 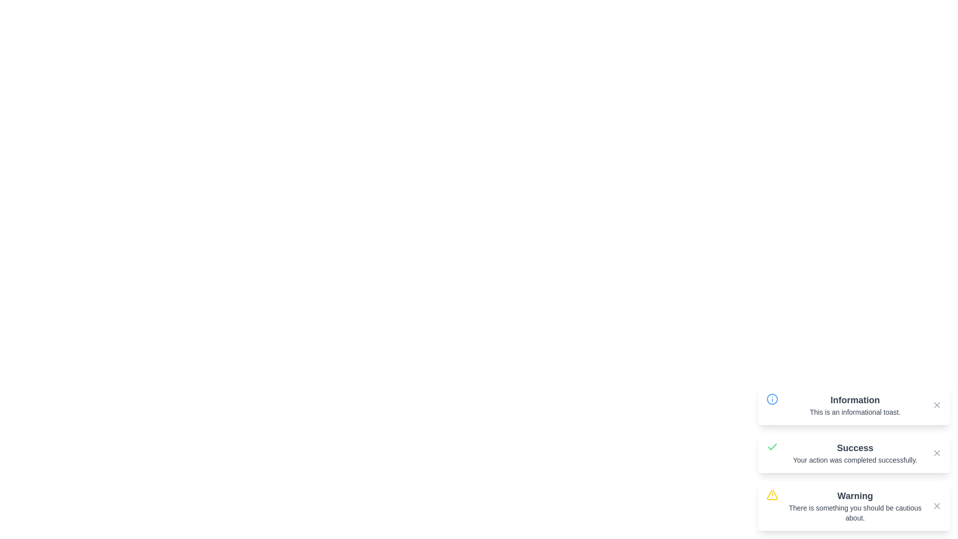 What do you see at coordinates (854, 405) in the screenshot?
I see `the 'Information' toast notification element that contains the heading 'Information' in bold and the subtext 'This is an informational toast.'` at bounding box center [854, 405].